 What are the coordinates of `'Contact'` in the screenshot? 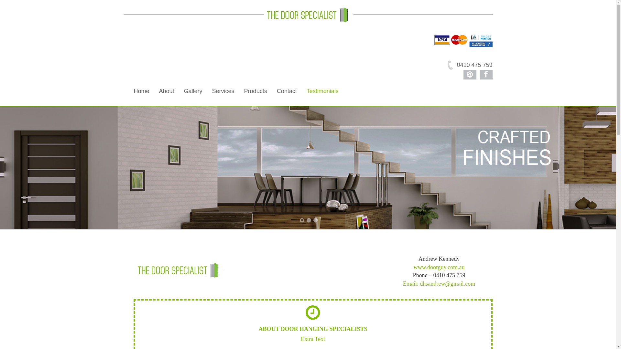 It's located at (287, 91).